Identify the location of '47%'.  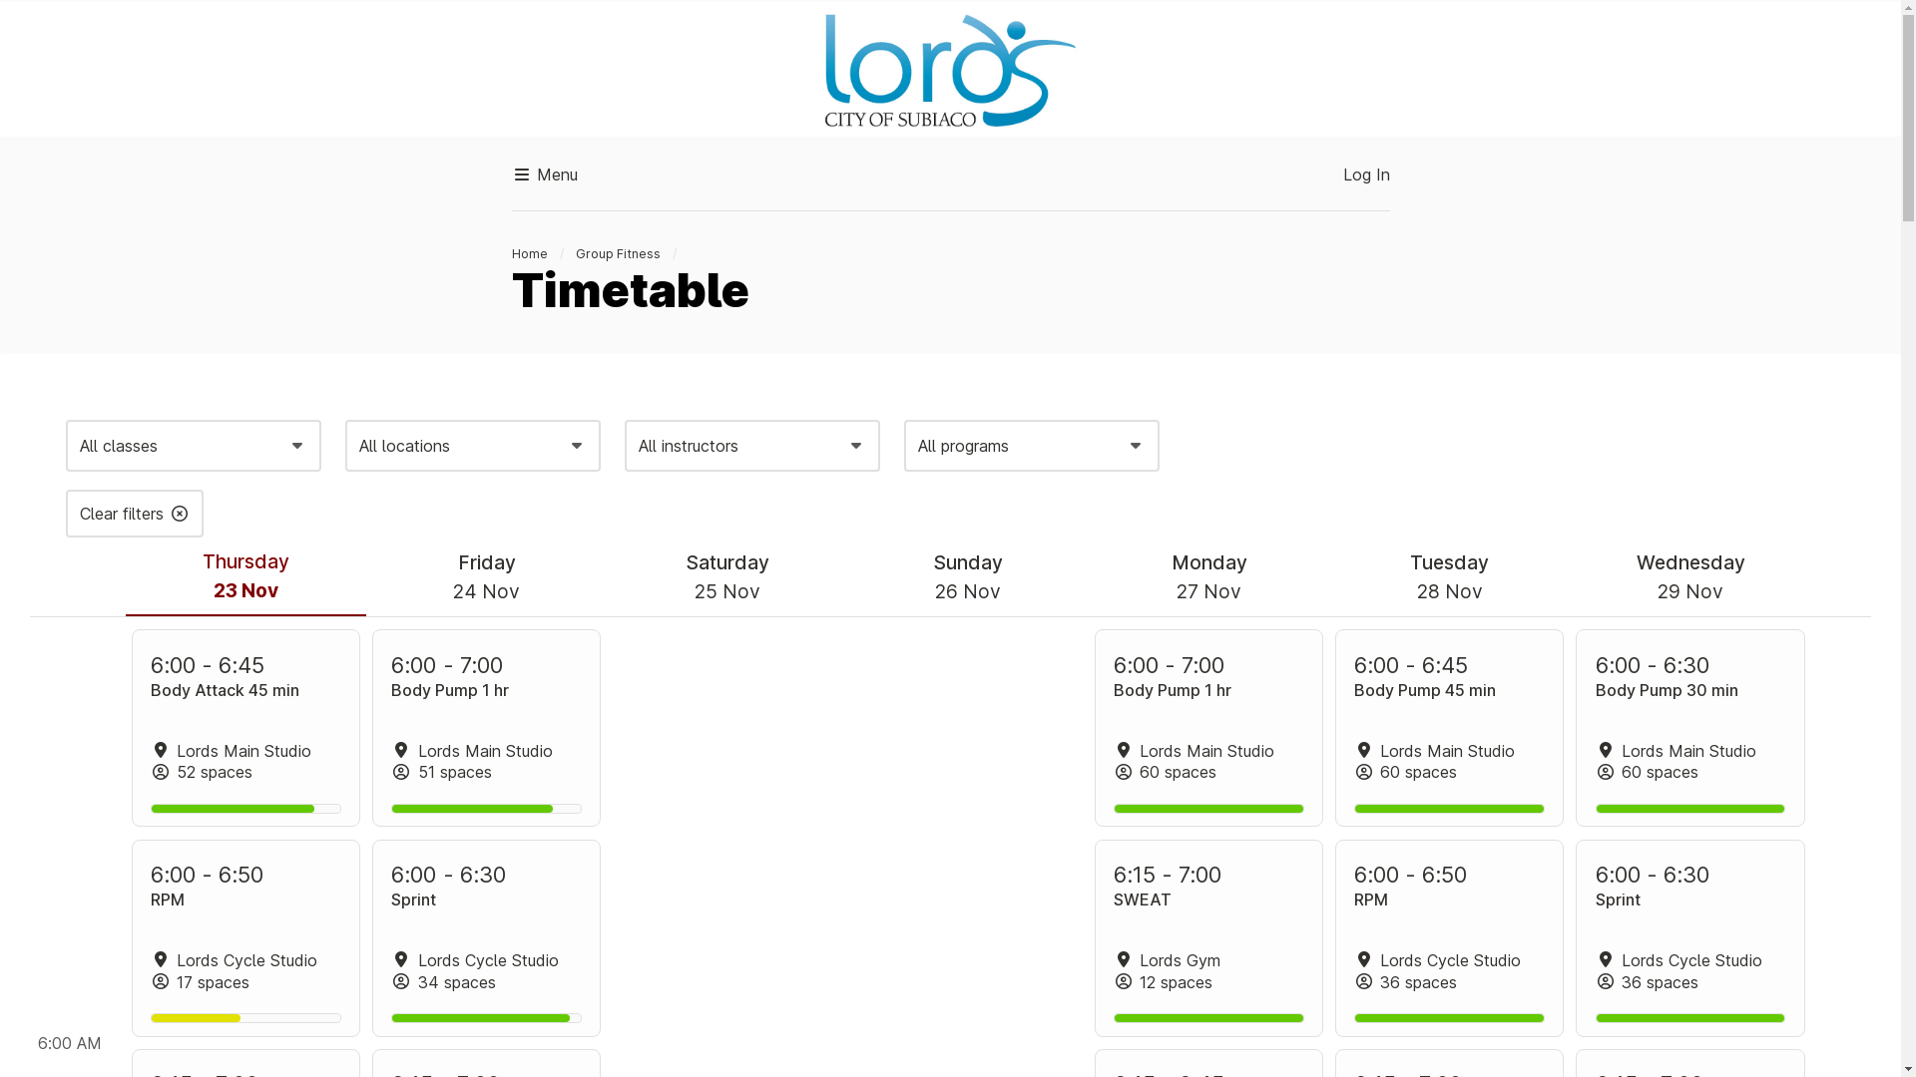
(244, 1018).